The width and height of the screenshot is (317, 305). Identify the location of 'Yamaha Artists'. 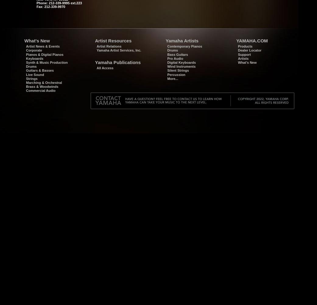
(182, 41).